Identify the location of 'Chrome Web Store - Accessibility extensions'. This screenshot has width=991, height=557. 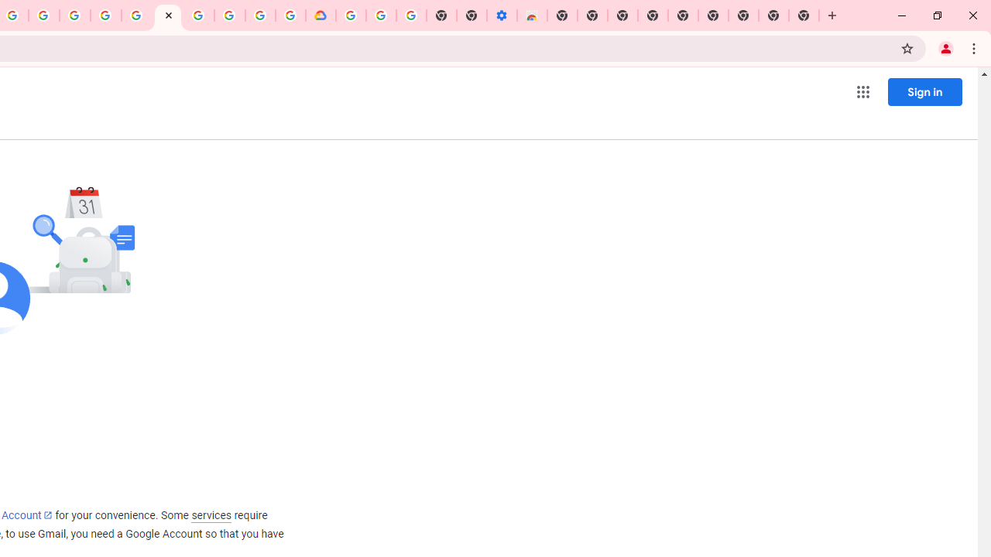
(532, 15).